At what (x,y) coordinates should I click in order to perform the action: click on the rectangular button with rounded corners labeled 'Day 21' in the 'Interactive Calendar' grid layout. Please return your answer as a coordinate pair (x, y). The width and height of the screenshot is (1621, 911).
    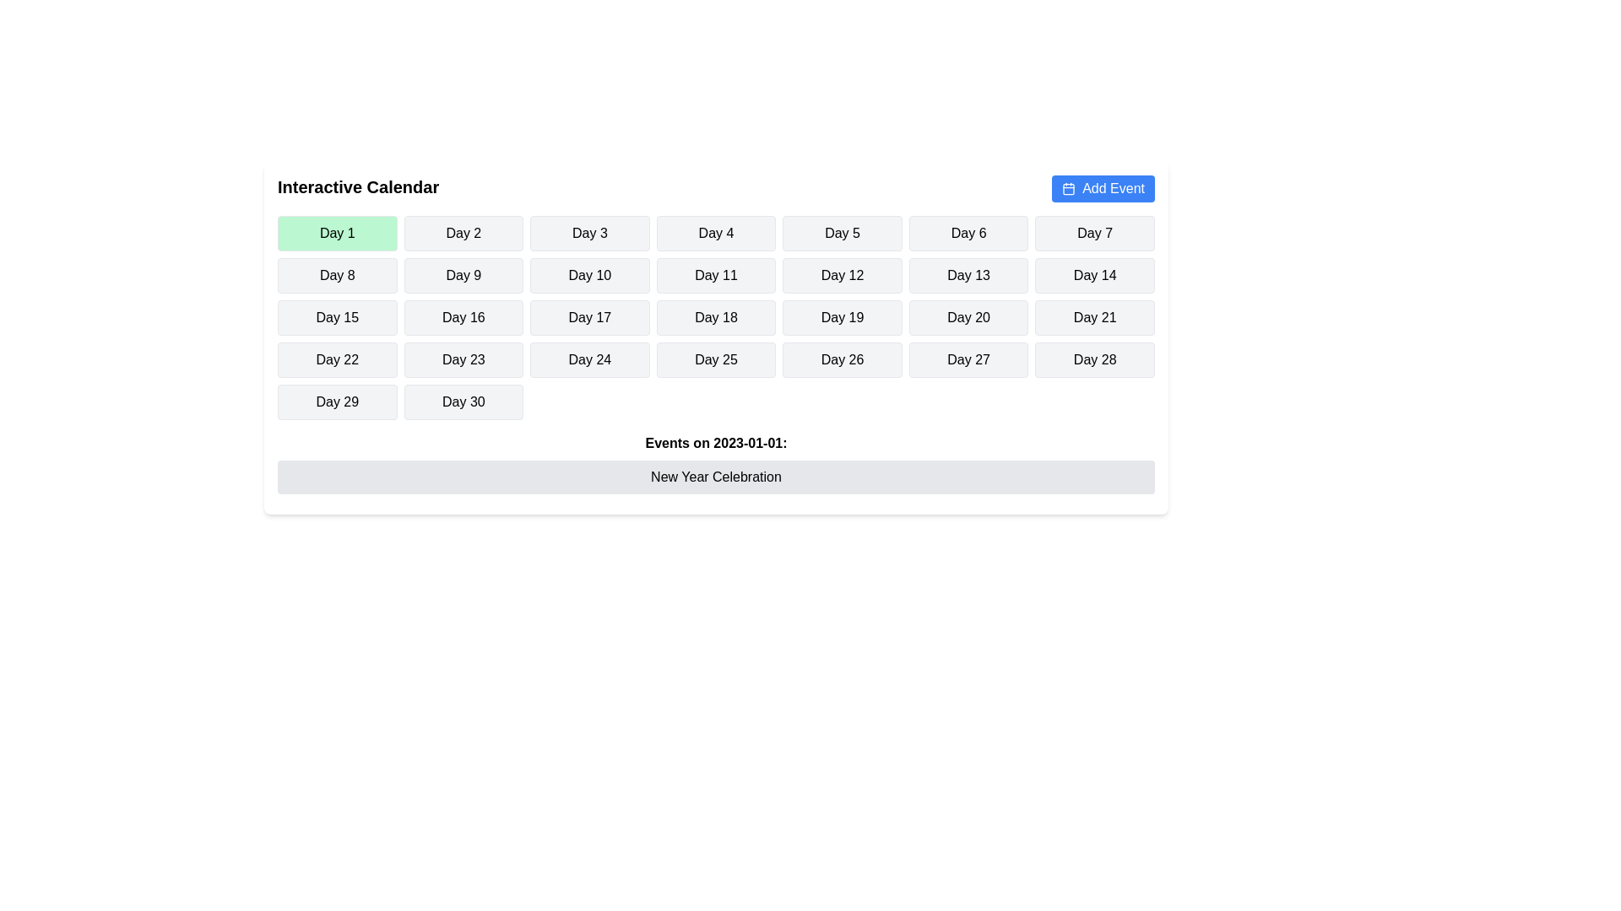
    Looking at the image, I should click on (1095, 318).